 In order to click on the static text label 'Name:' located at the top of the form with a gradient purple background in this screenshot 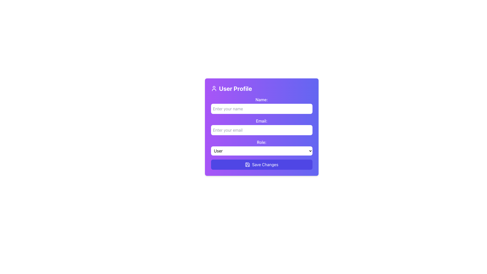, I will do `click(262, 105)`.